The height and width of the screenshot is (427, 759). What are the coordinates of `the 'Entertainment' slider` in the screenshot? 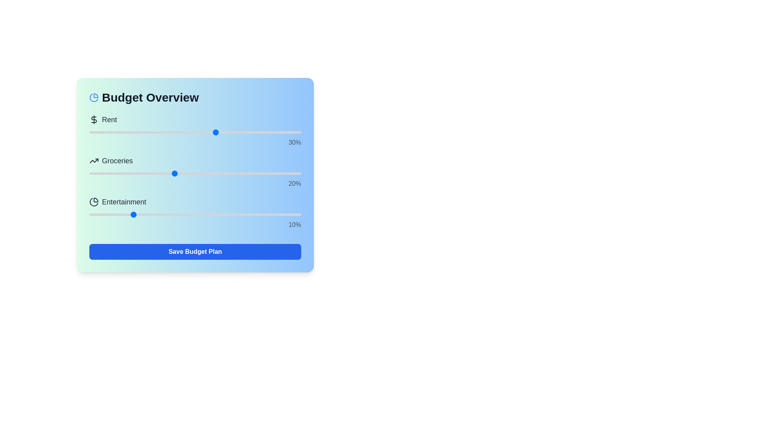 It's located at (132, 215).